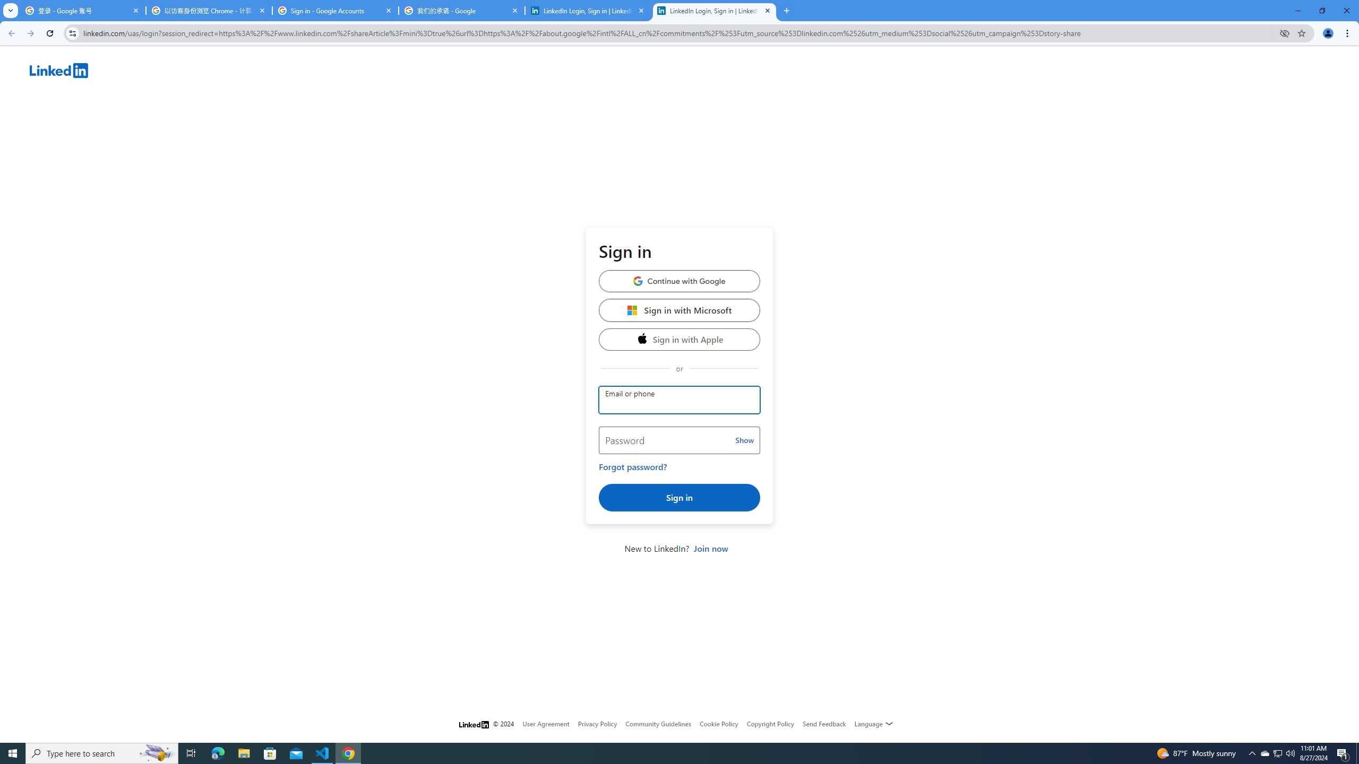 This screenshot has width=1359, height=764. I want to click on 'Forgot password?', so click(632, 467).